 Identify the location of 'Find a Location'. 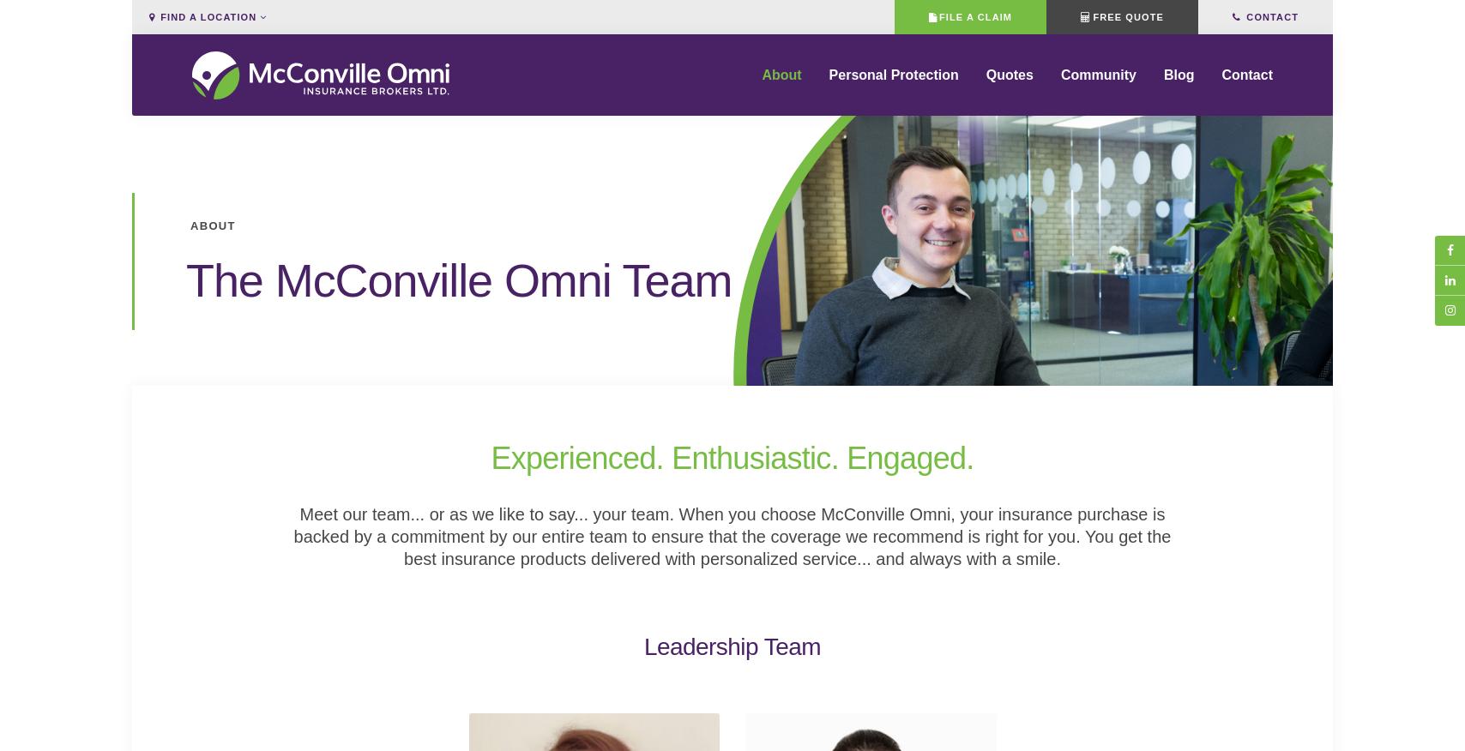
(208, 15).